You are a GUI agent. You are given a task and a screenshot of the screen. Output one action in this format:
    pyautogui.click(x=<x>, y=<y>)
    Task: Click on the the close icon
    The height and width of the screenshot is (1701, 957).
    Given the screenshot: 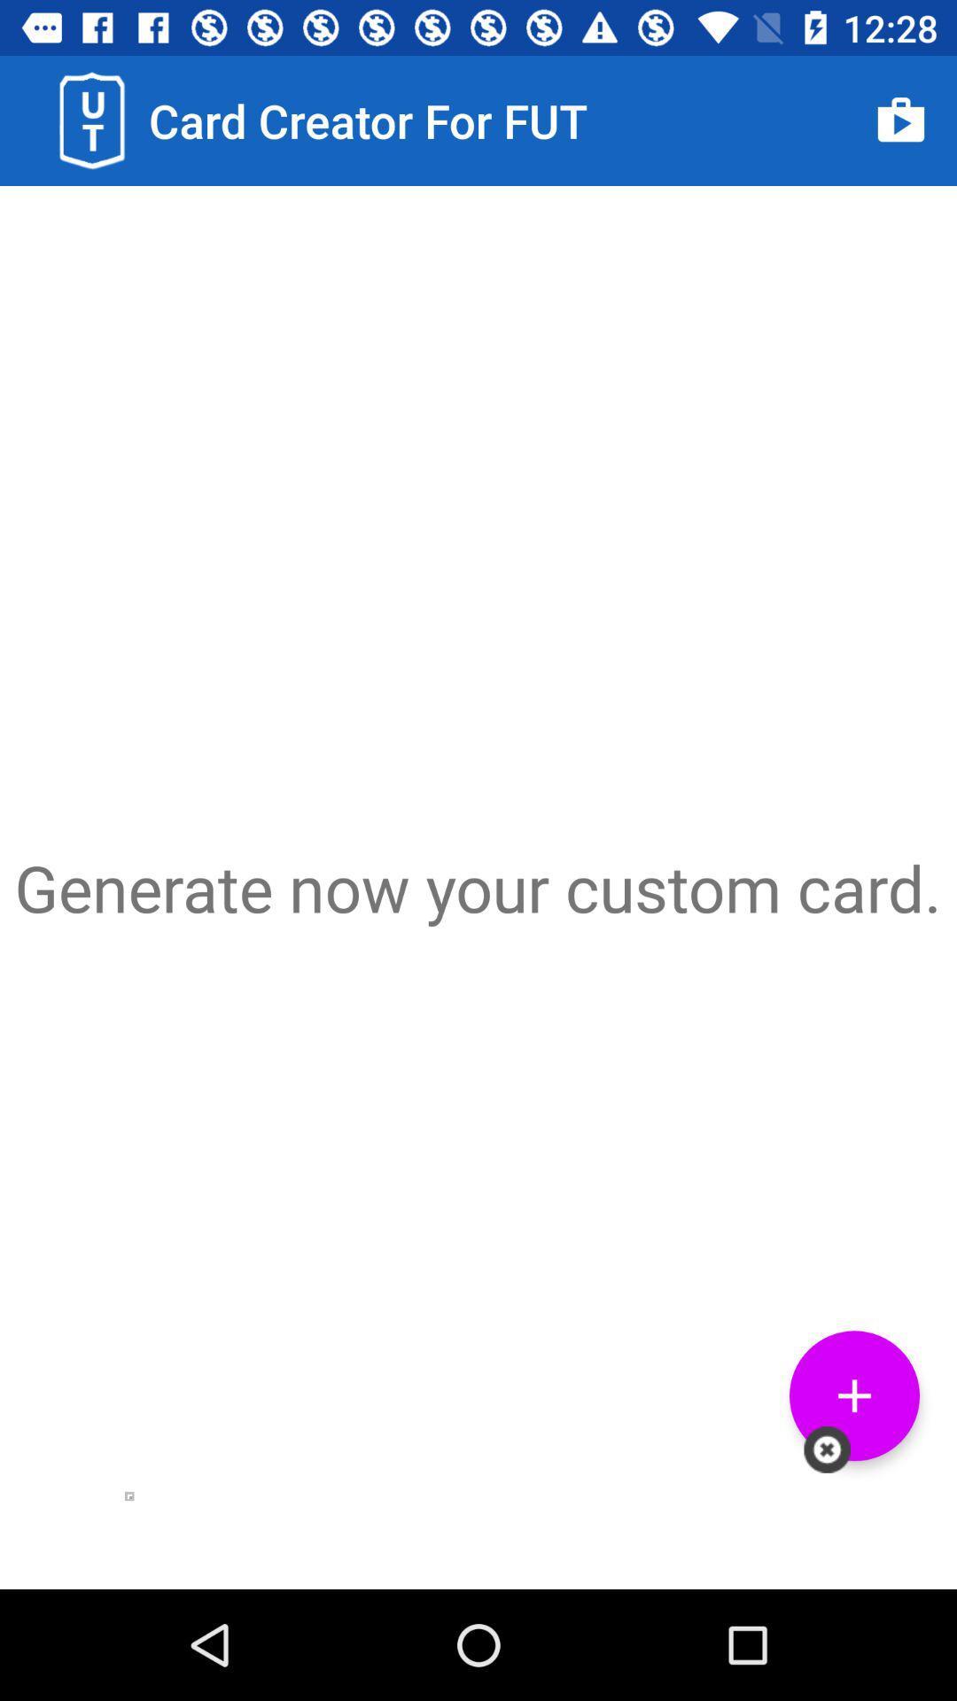 What is the action you would take?
    pyautogui.click(x=827, y=1449)
    